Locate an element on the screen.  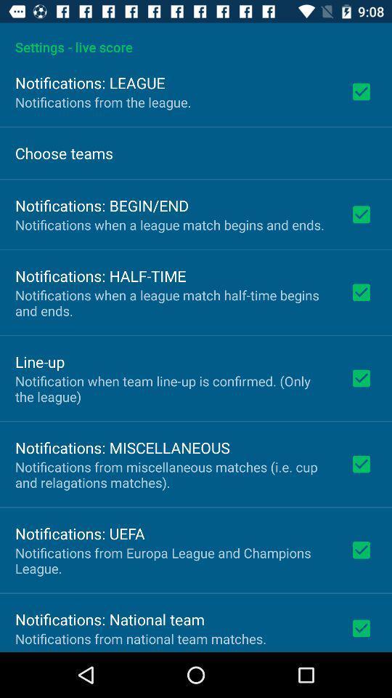
the notification when team icon is located at coordinates (173, 388).